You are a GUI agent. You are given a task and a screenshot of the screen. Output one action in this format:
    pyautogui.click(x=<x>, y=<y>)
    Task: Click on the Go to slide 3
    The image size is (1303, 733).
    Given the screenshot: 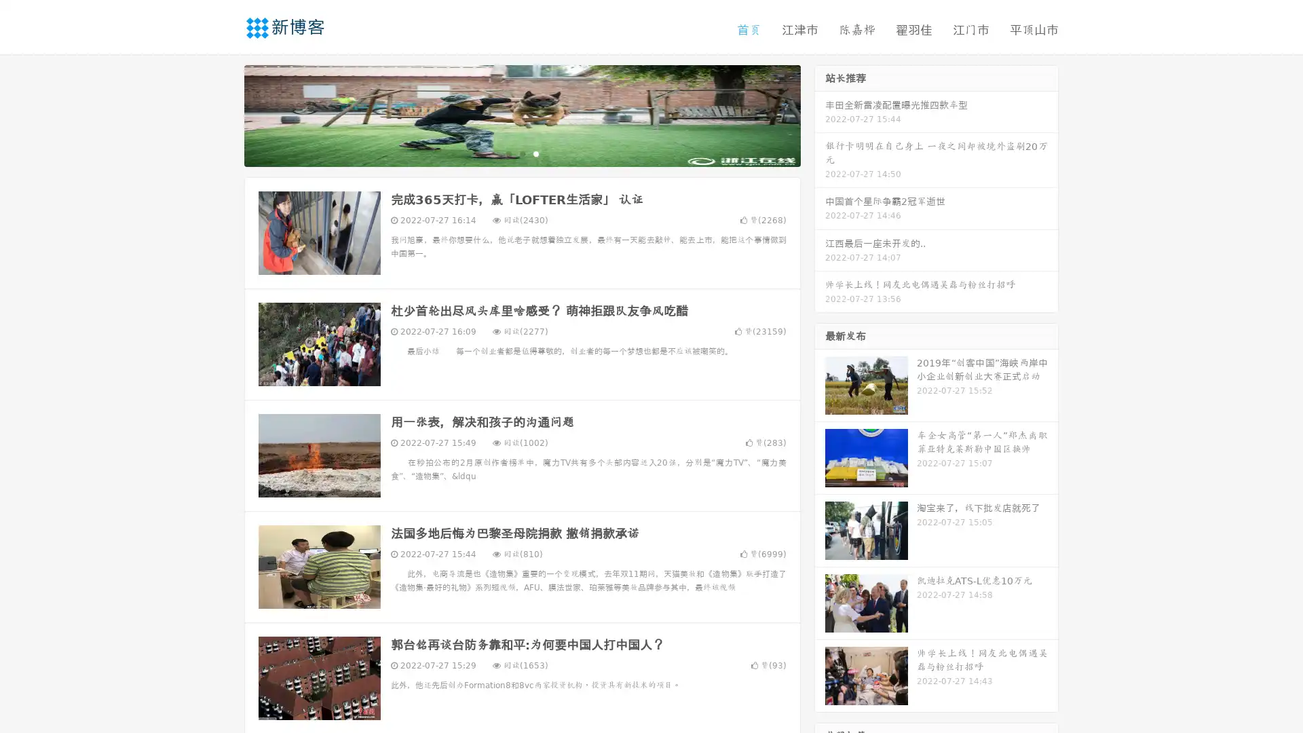 What is the action you would take?
    pyautogui.click(x=535, y=153)
    